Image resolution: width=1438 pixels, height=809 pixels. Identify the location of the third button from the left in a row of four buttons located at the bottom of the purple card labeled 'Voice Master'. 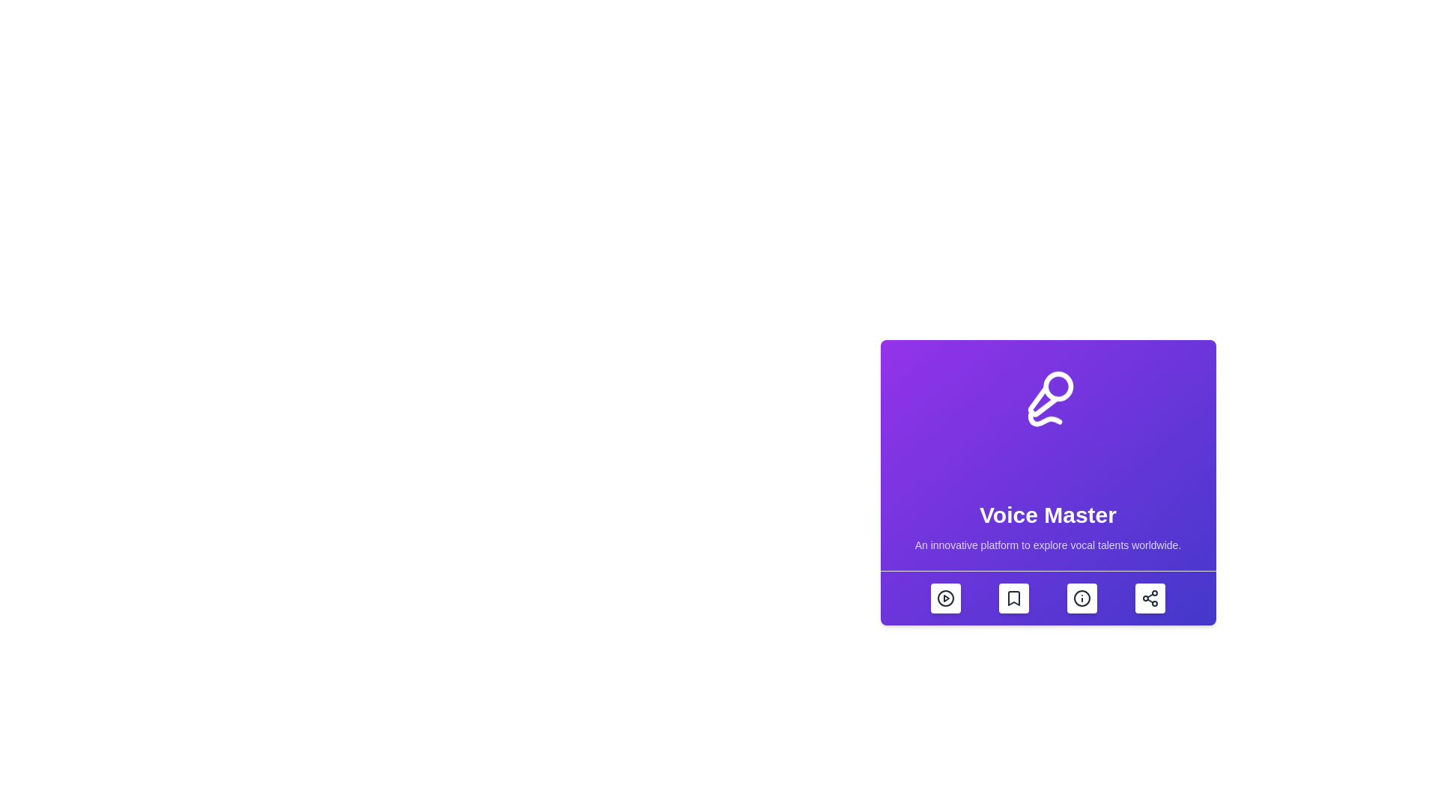
(1013, 597).